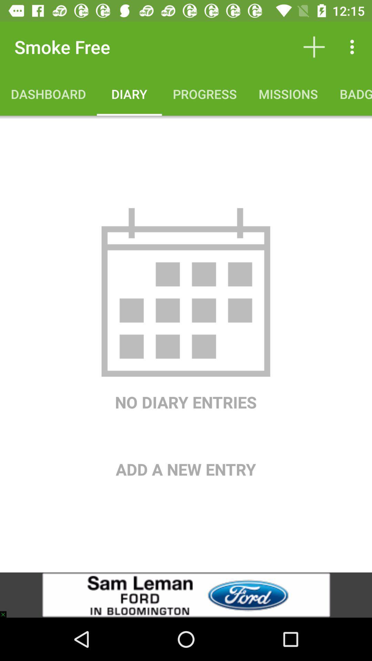 The height and width of the screenshot is (661, 372). What do you see at coordinates (6, 611) in the screenshot?
I see `the item at the bottom left corner` at bounding box center [6, 611].